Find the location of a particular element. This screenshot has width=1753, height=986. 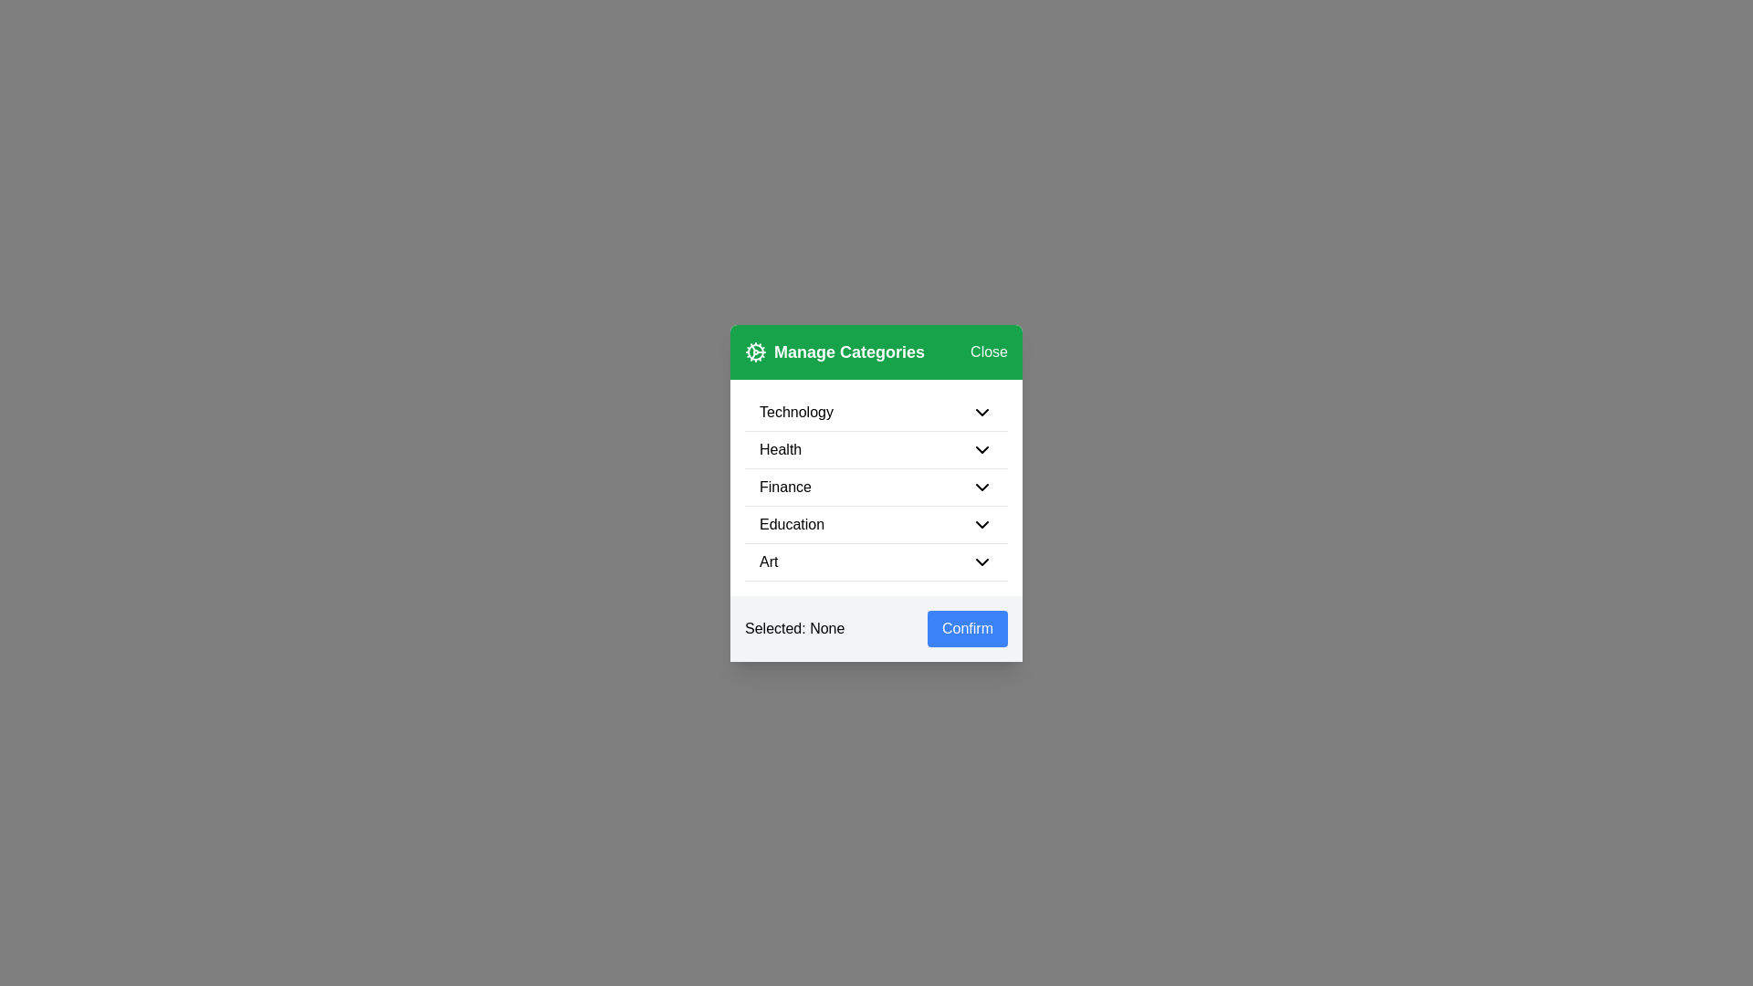

the row corresponding to the category Health is located at coordinates (876, 450).